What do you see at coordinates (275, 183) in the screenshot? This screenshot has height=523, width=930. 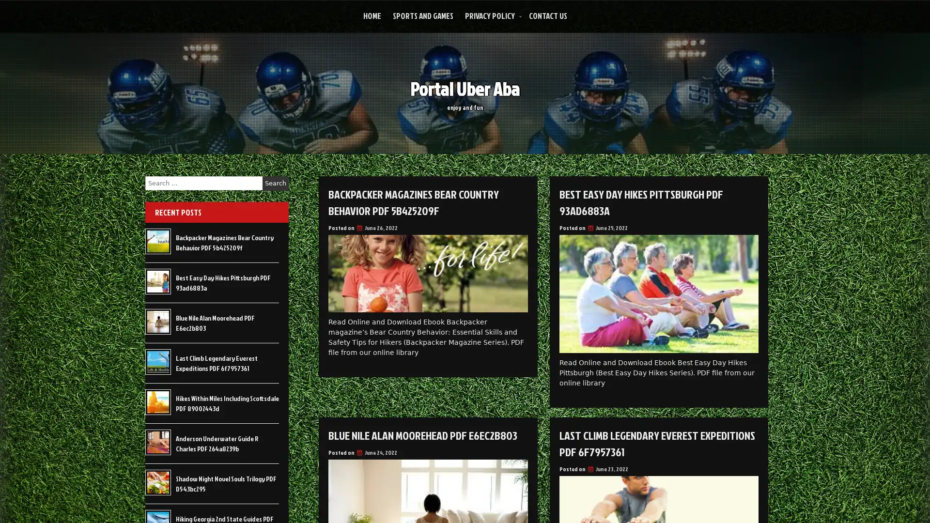 I see `Search` at bounding box center [275, 183].